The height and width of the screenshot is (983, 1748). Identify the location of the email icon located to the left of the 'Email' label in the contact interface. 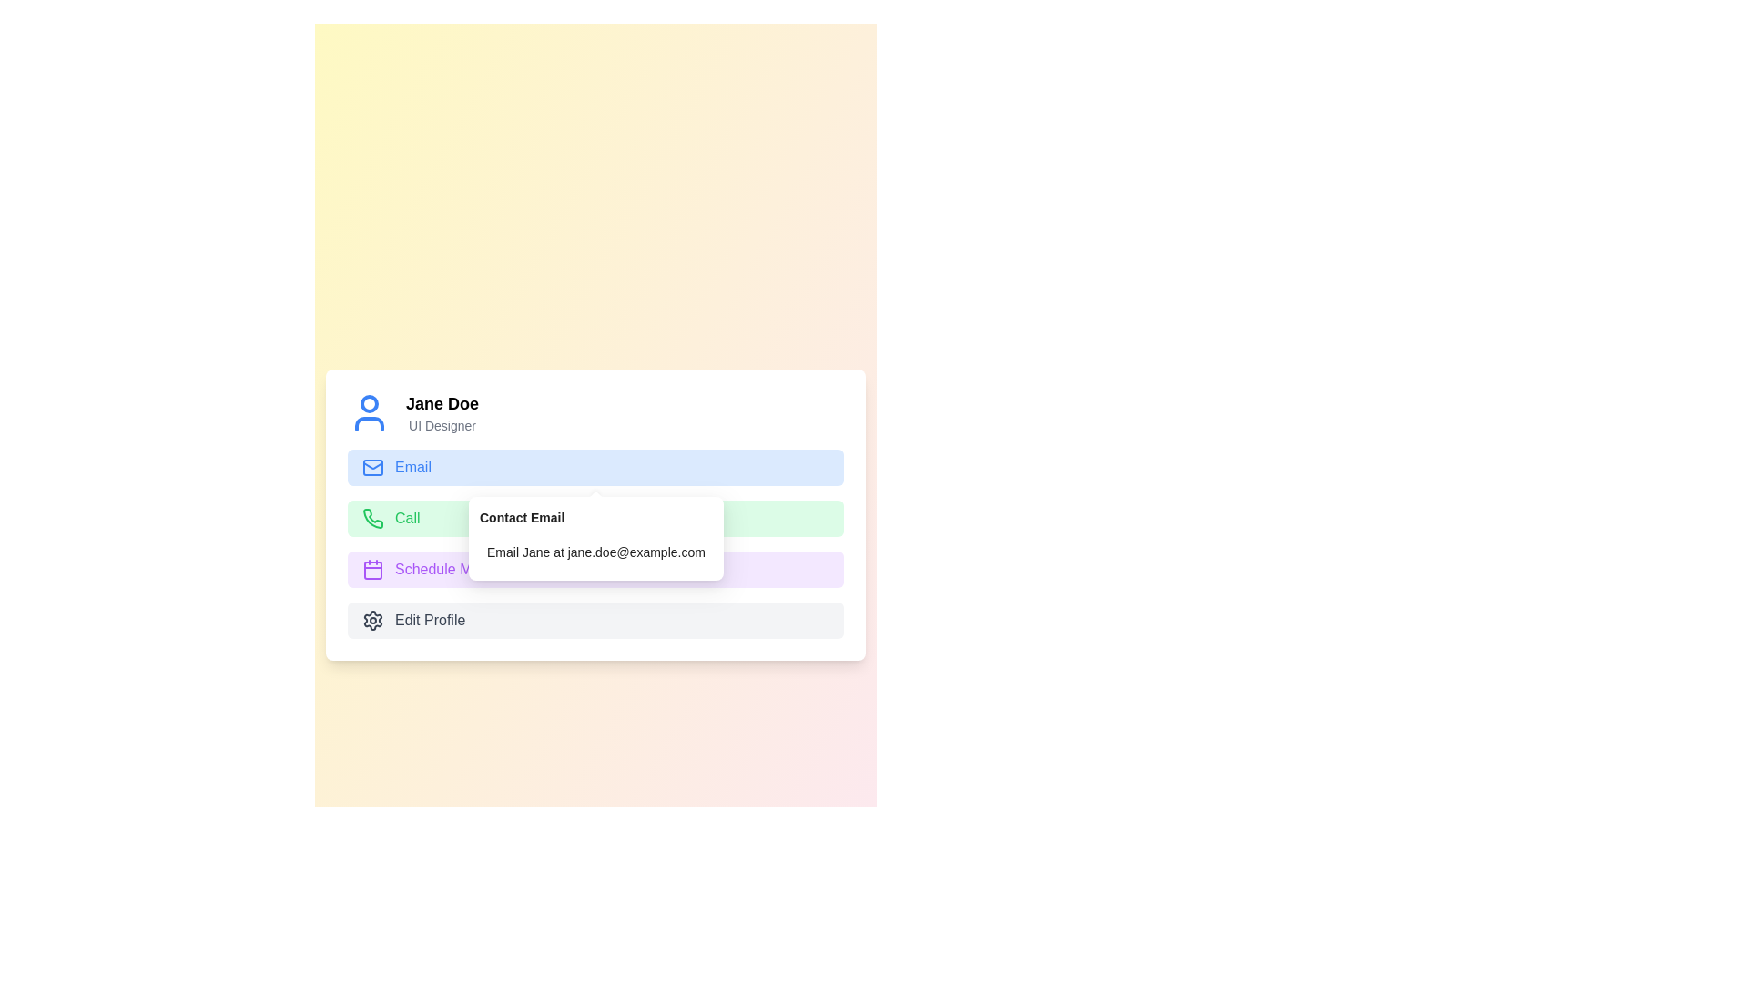
(371, 466).